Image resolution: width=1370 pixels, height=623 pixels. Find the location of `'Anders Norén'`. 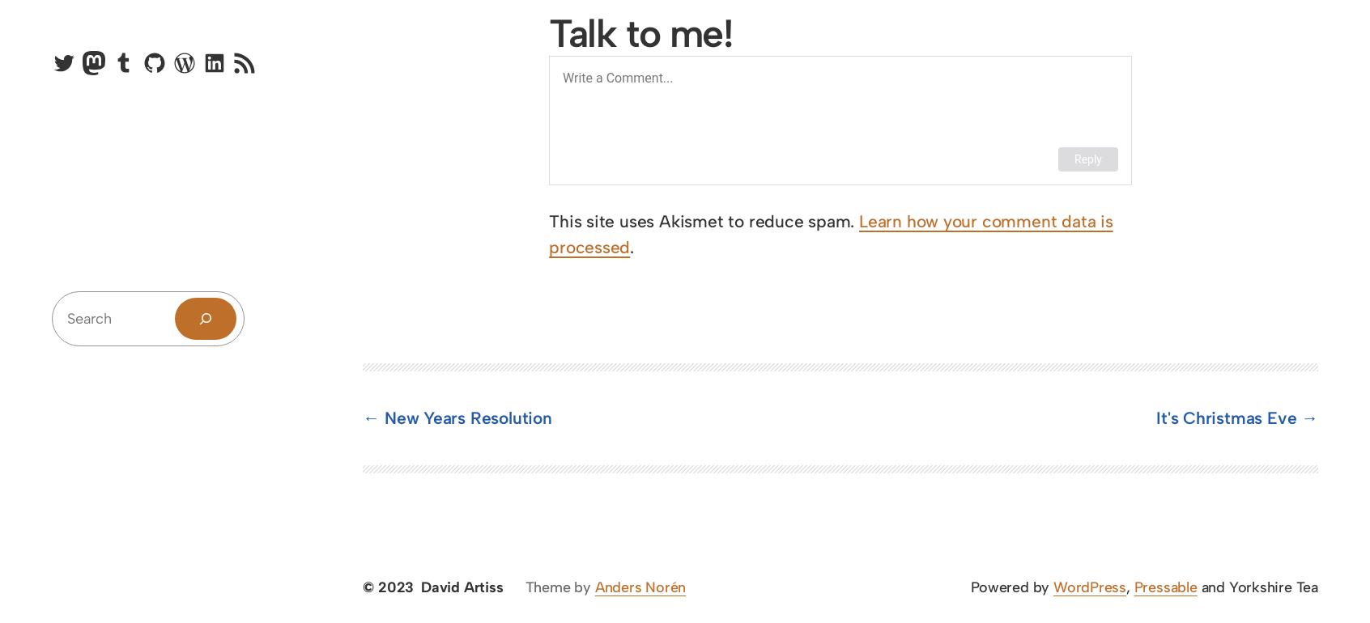

'Anders Norén' is located at coordinates (593, 587).